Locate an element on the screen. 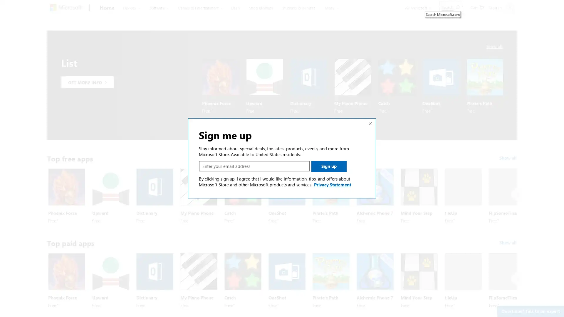  Devices is located at coordinates (131, 8).